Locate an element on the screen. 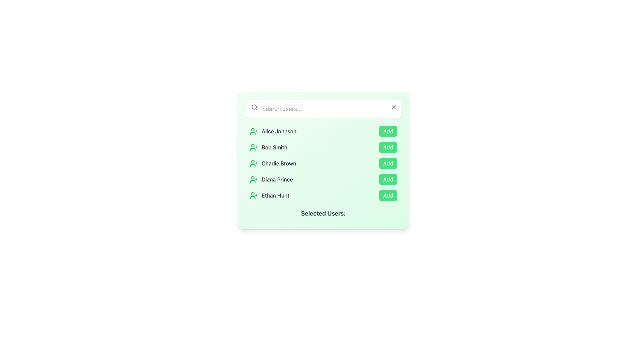 The height and width of the screenshot is (361, 643). the user icon with a plus symbol next to it, located at the start of the 'Alice Johnson' entry in the user selection list is located at coordinates (253, 131).